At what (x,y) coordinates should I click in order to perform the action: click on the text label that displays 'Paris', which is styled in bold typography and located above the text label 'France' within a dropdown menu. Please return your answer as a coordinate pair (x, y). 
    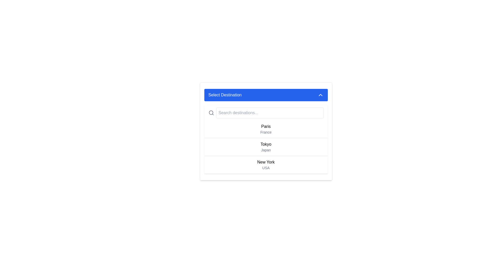
    Looking at the image, I should click on (266, 126).